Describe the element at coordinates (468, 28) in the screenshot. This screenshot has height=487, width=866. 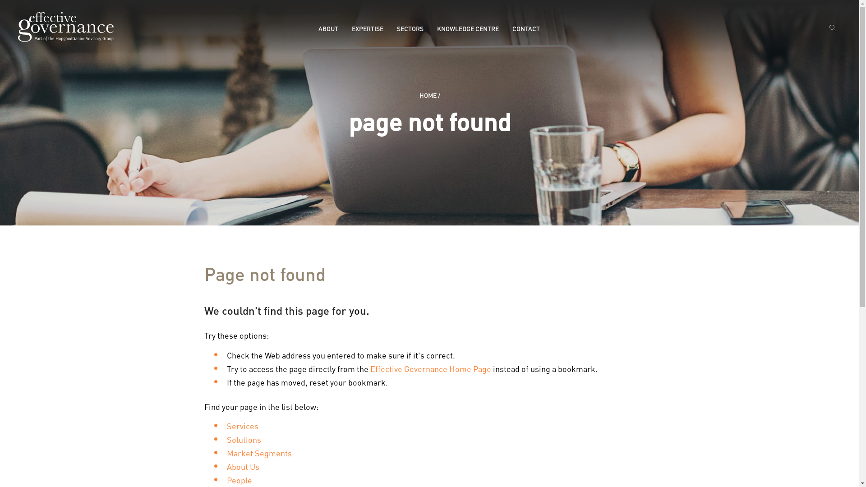
I see `'KNOWLEDGE CENTRE'` at that location.